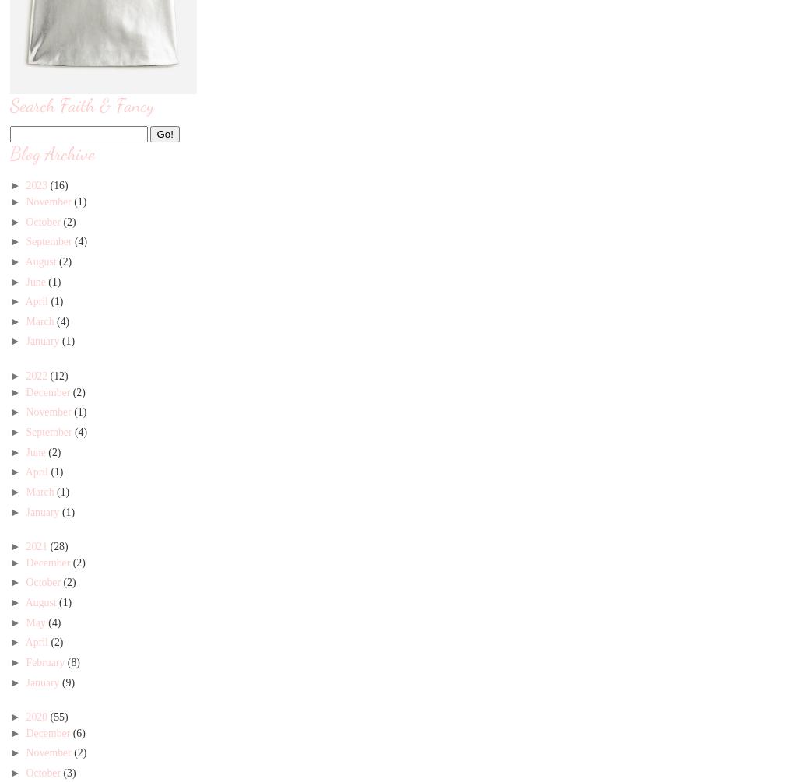  I want to click on '2020', so click(25, 715).